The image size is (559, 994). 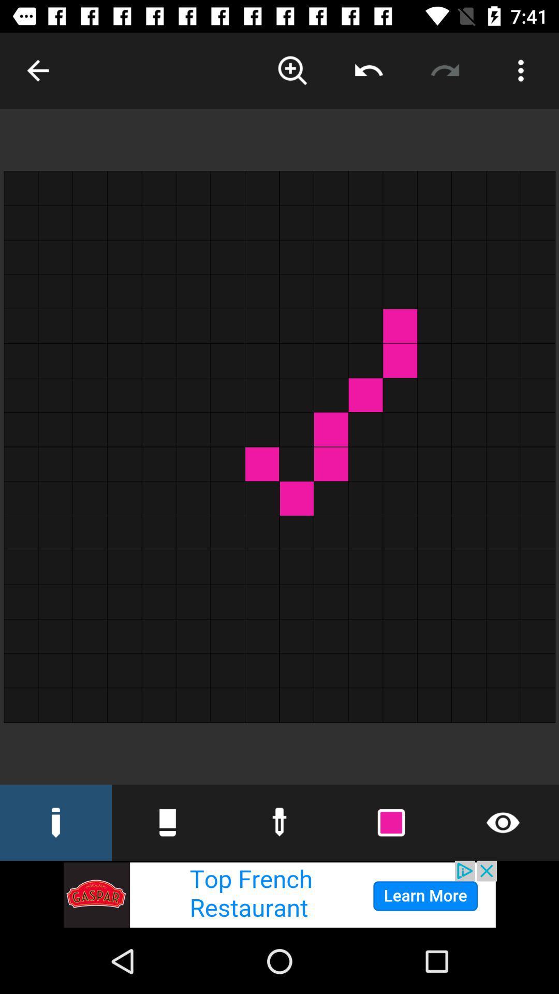 I want to click on the previous, so click(x=37, y=70).